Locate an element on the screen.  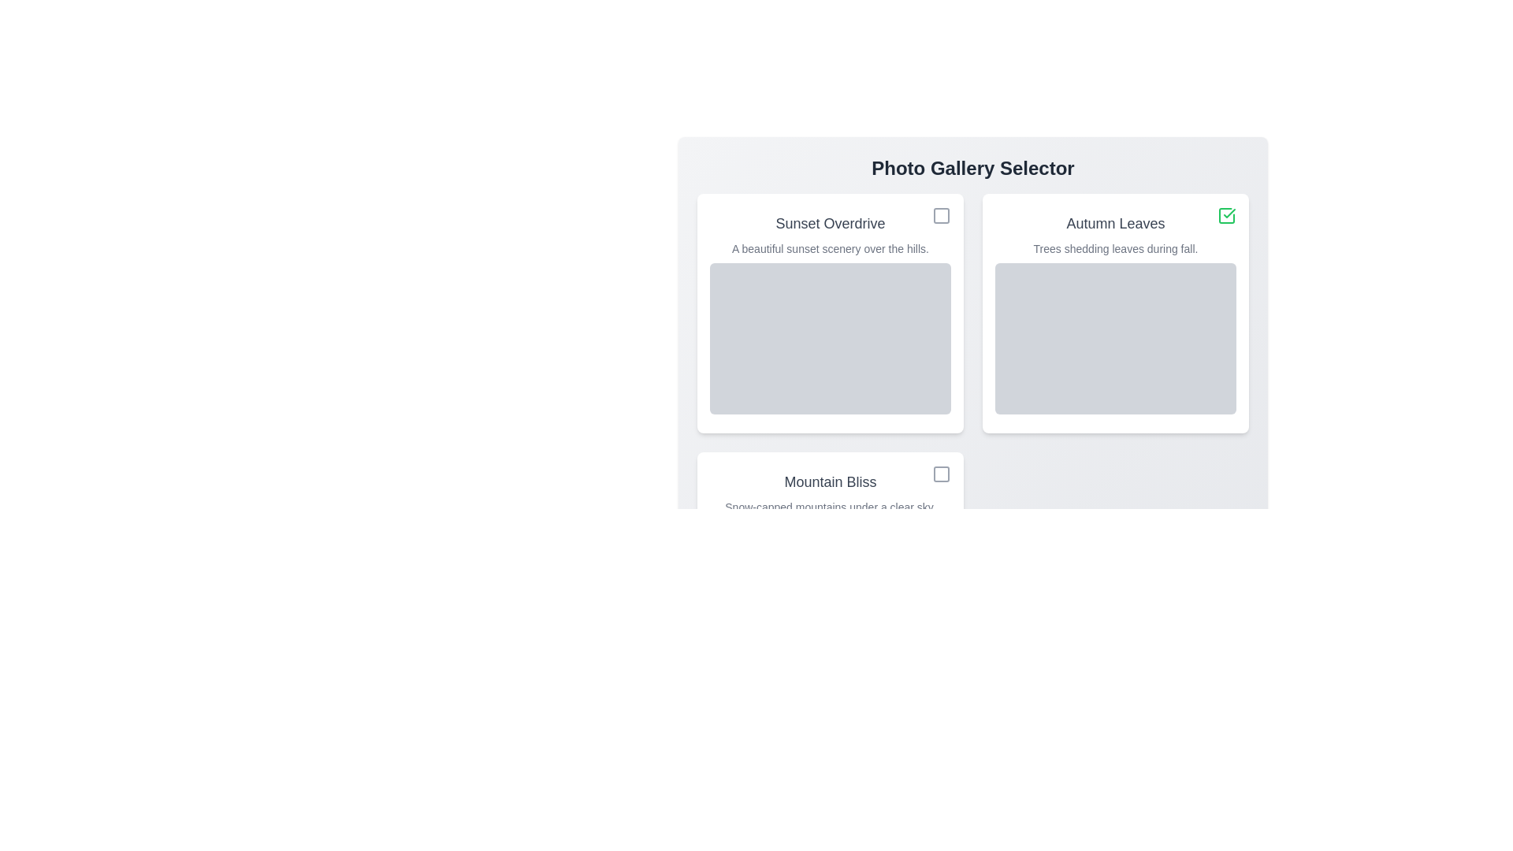
the gallery item Mountain Bliss by clicking its checkbox is located at coordinates (942, 473).